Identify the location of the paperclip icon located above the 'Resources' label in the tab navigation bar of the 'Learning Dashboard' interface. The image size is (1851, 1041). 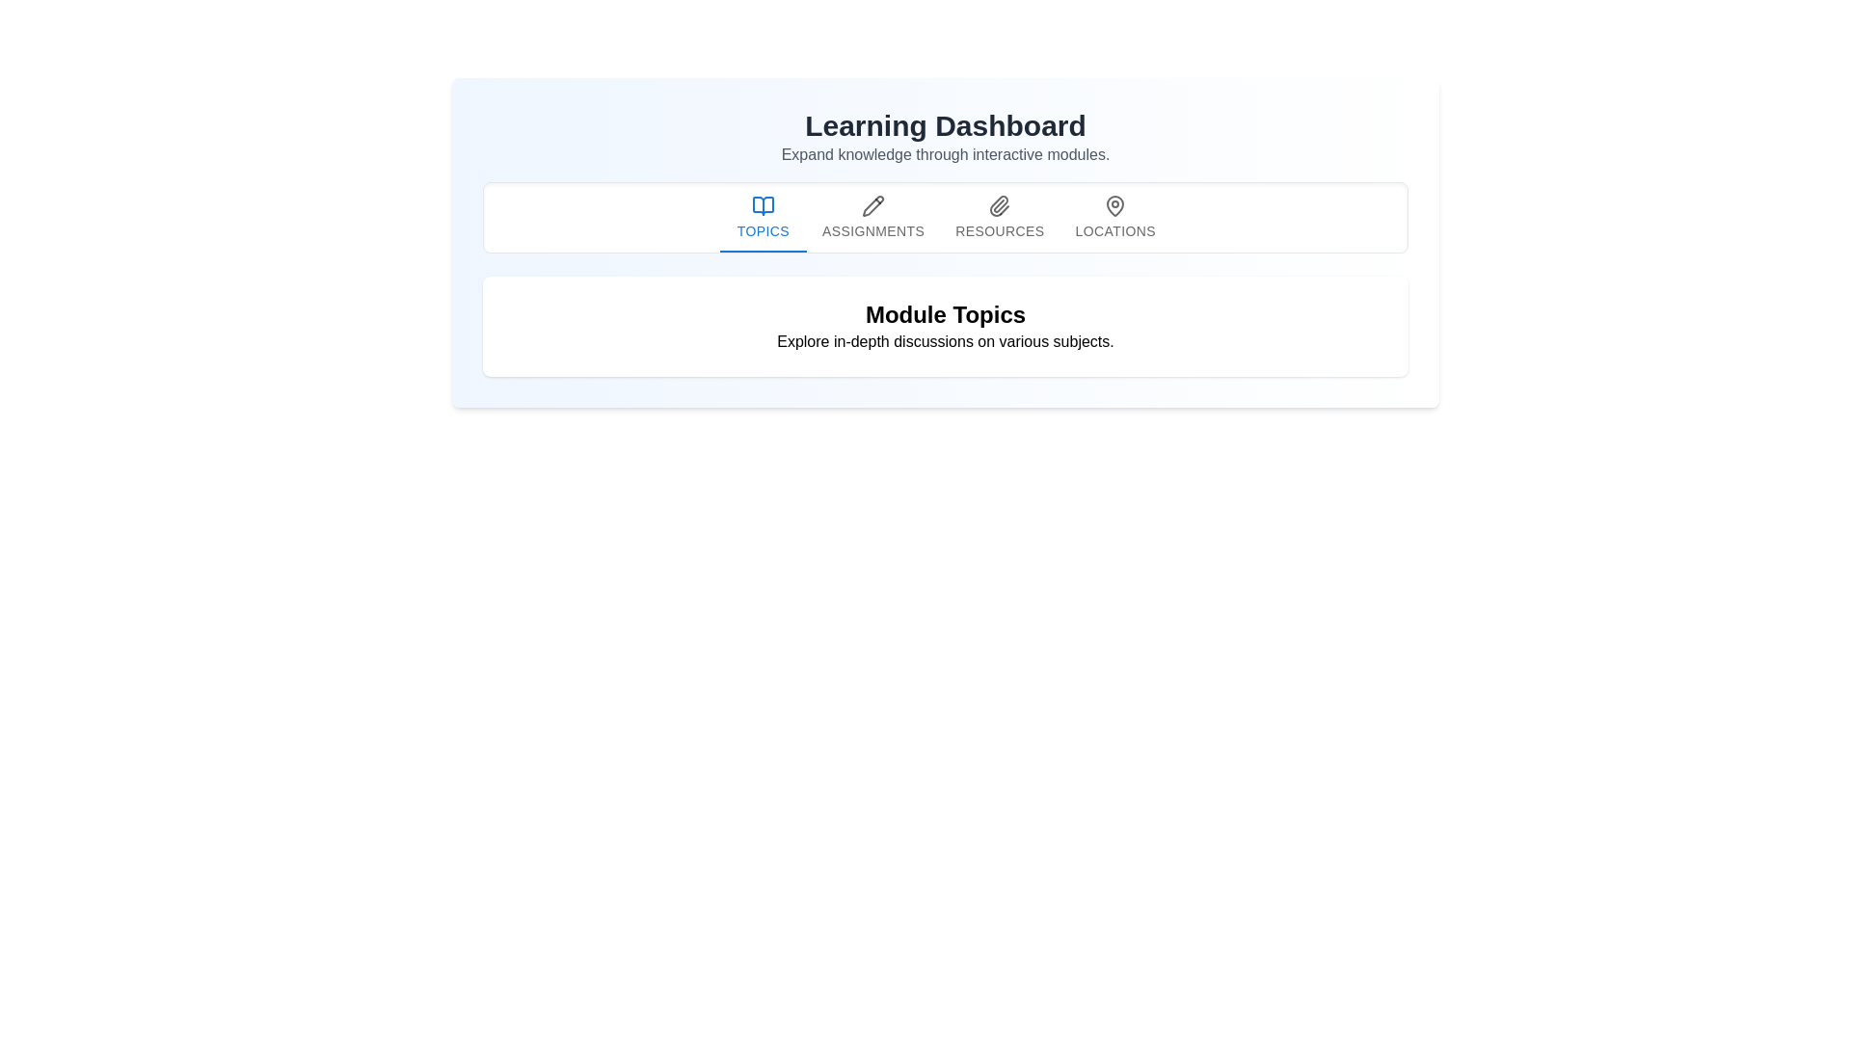
(1000, 206).